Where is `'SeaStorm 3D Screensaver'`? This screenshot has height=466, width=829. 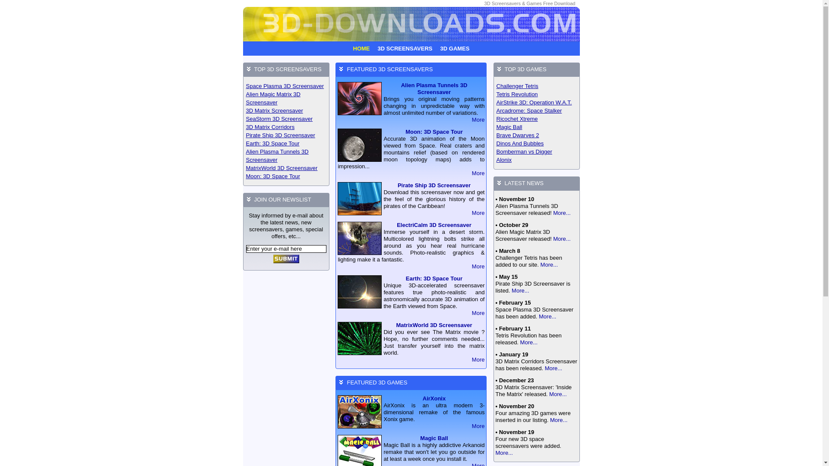 'SeaStorm 3D Screensaver' is located at coordinates (286, 119).